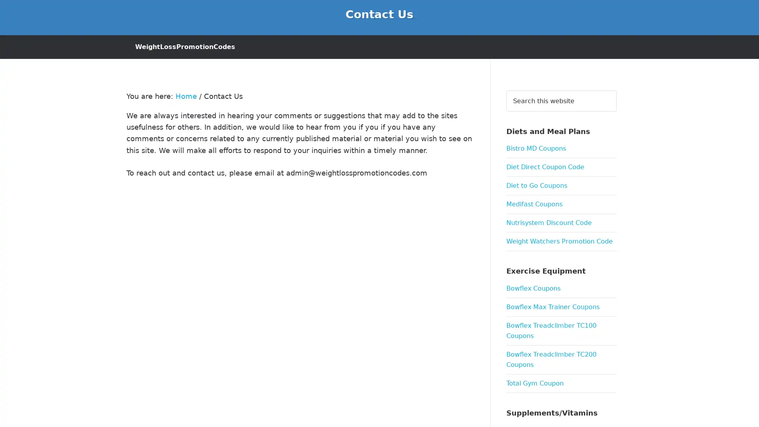 This screenshot has height=427, width=759. Describe the element at coordinates (616, 89) in the screenshot. I see `Search` at that location.